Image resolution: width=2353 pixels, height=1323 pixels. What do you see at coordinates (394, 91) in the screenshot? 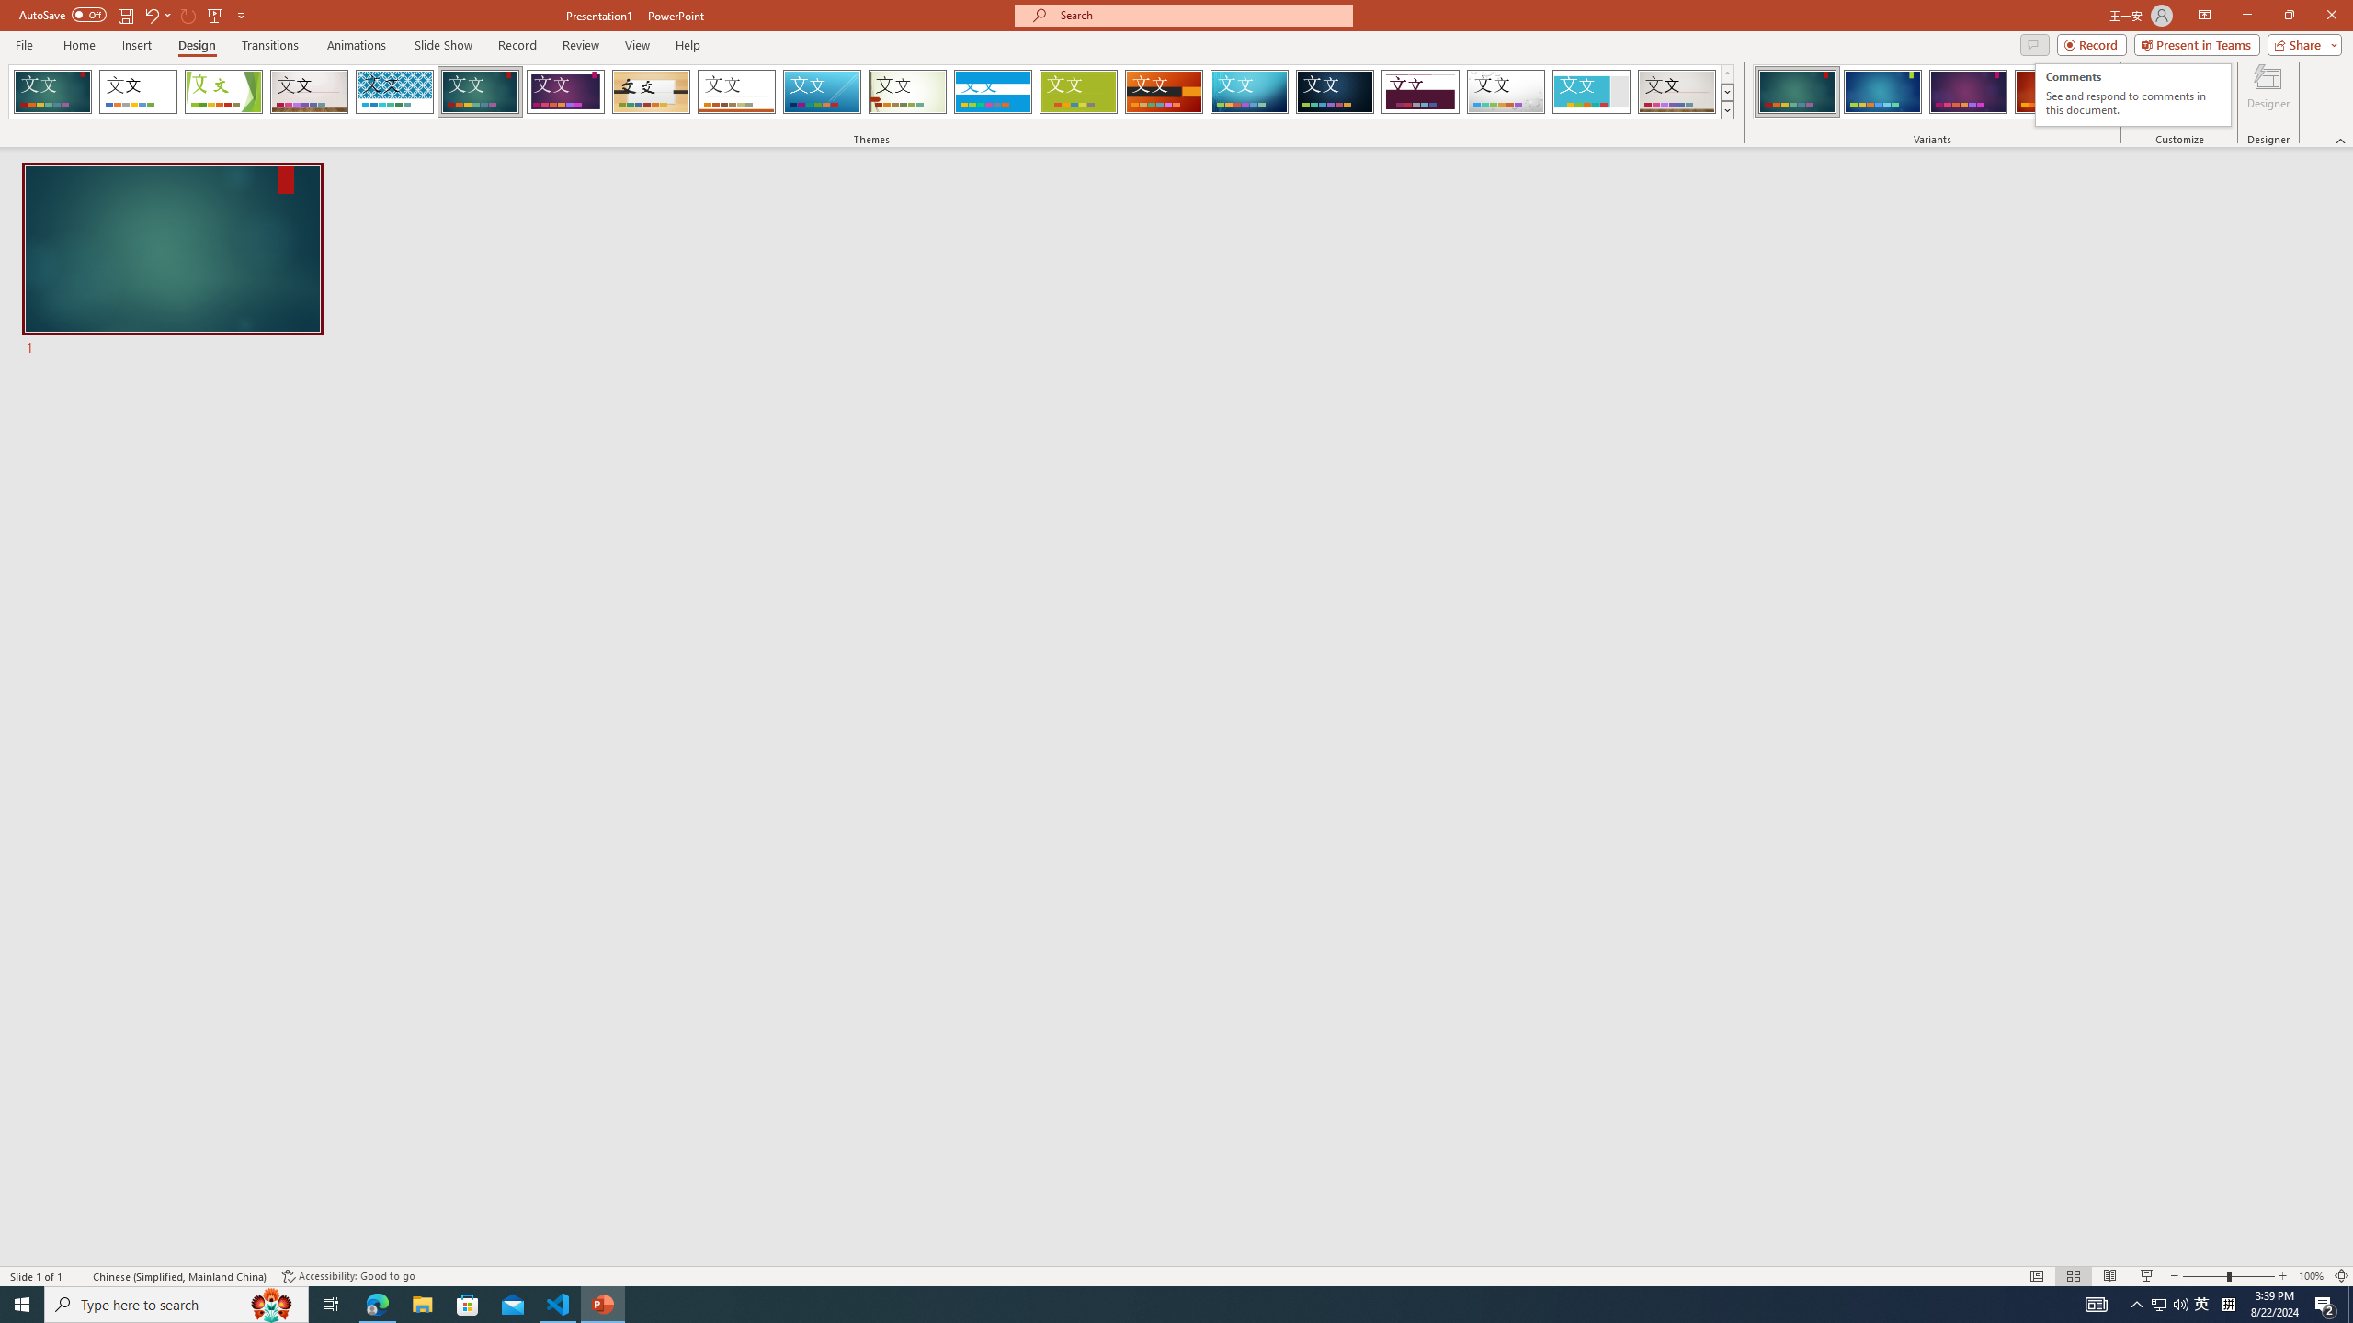
I see `'Integral Loading Preview...'` at bounding box center [394, 91].